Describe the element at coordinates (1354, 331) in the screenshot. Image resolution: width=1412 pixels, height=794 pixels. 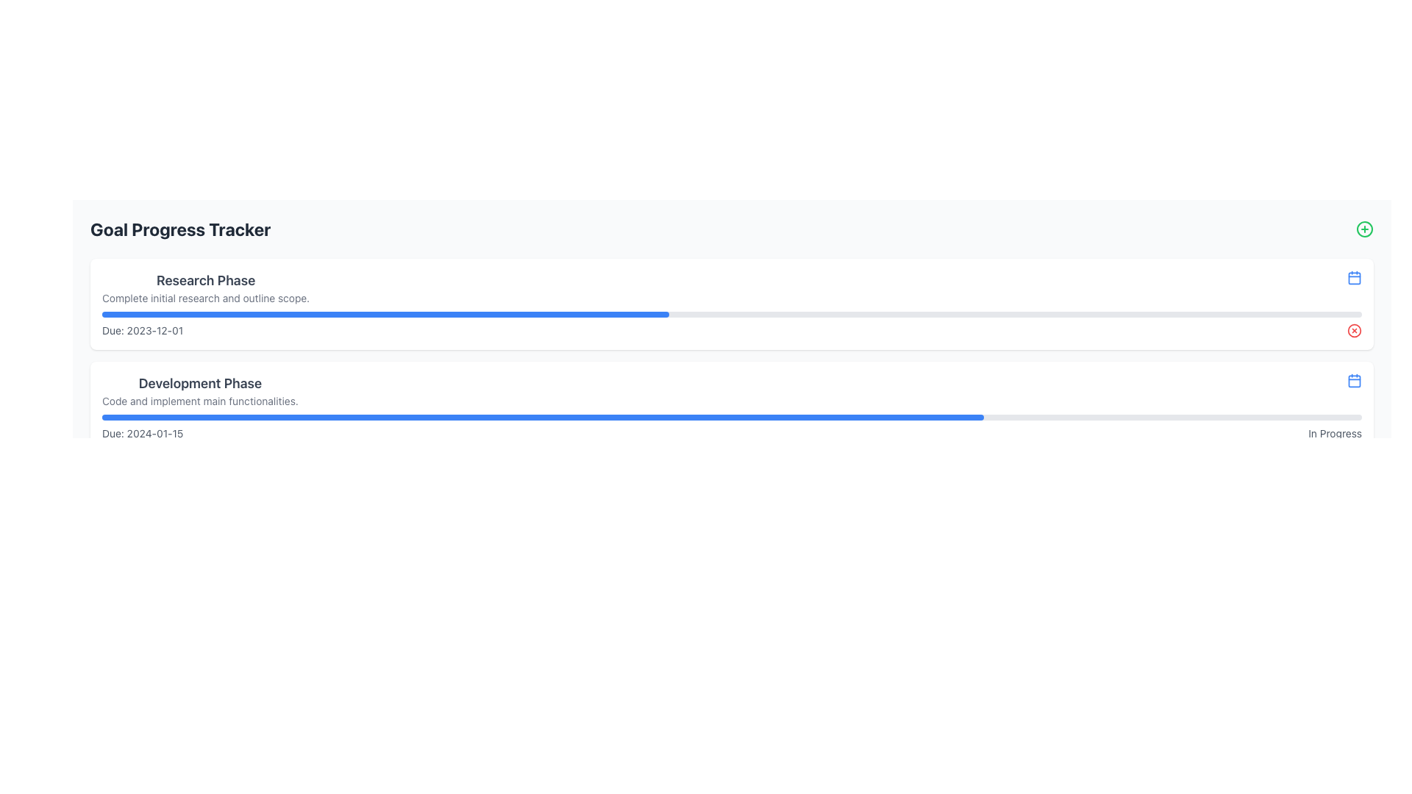
I see `the circular red 'X' icon with a modern design located in the 'Due: 2023-12-01' section of the 'Research Phase' task in the 'Goal Progress Tracker'` at that location.